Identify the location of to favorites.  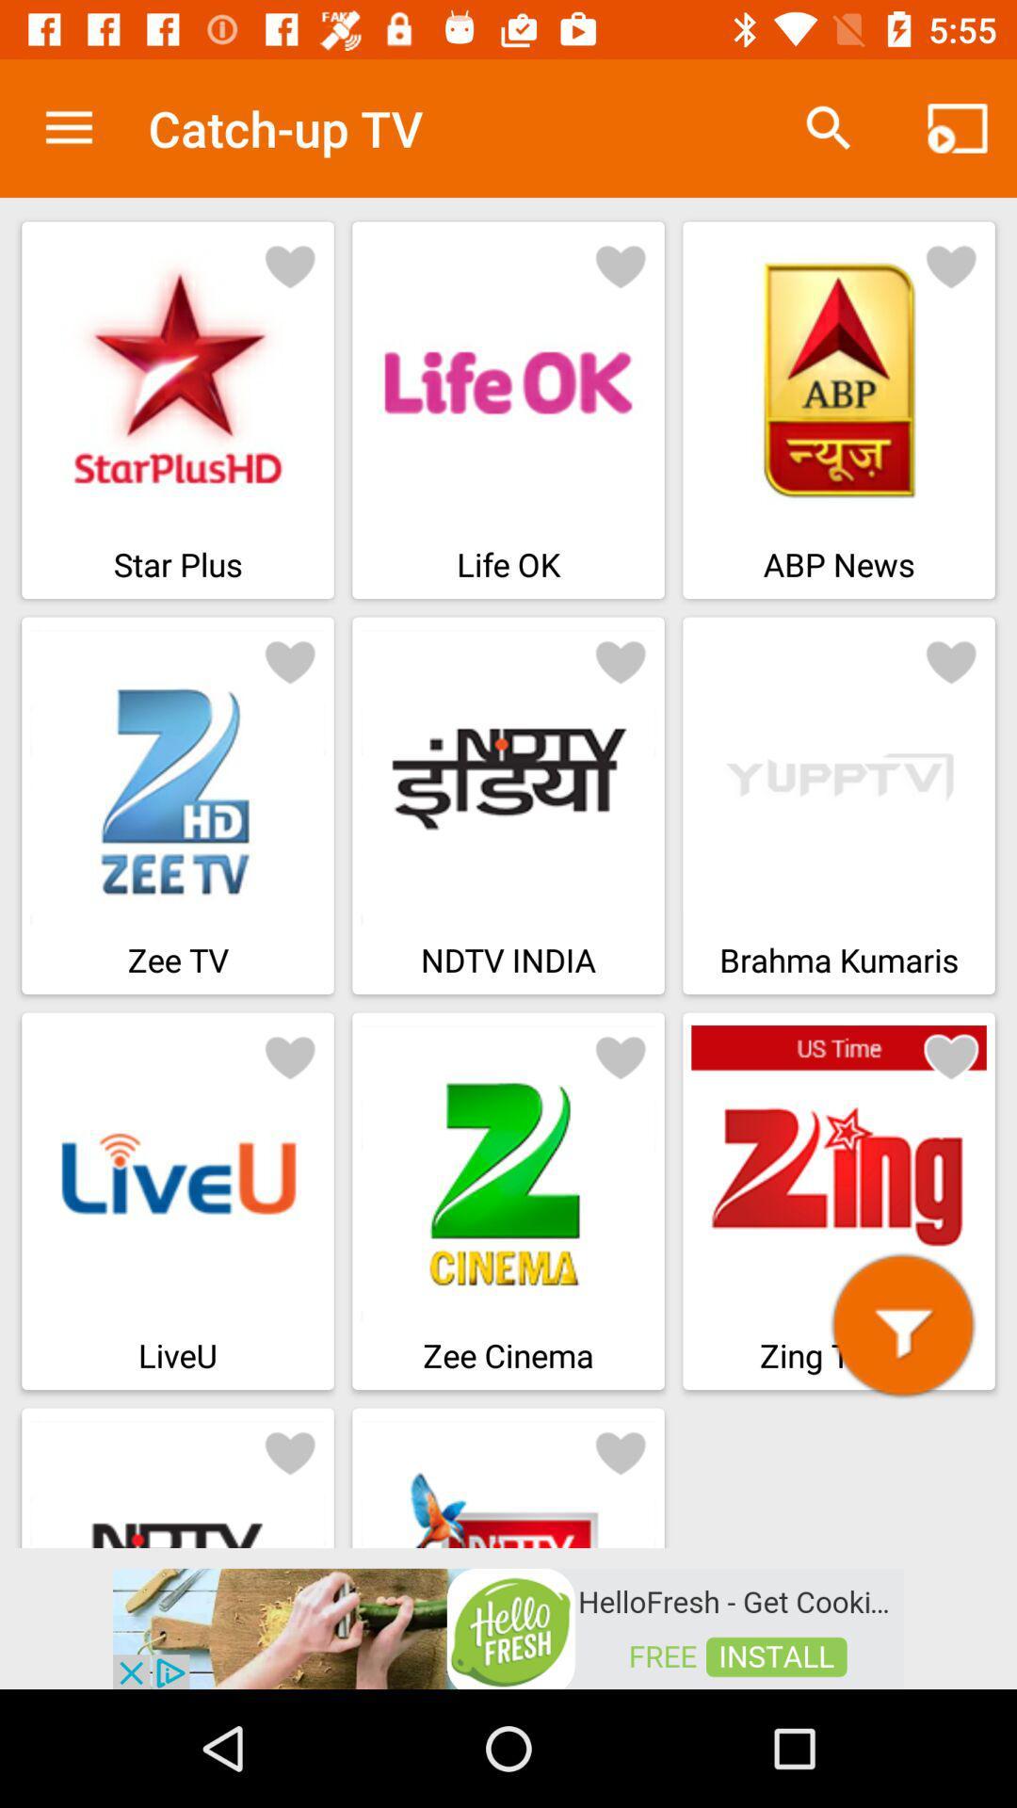
(290, 660).